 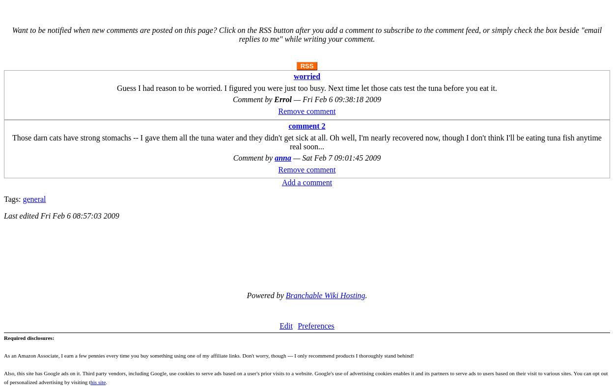 I want to click on 'Also, this site has Google ads on it. Third party vendors, including
Google, use cookies to serve ads based on a user's prior visits to a
website. Google's use of advertising cookies enables it and its
partners to serve ads to users based on their visit to various sites.
You can opt out of personalized advertising by visiting t', so click(x=305, y=377).